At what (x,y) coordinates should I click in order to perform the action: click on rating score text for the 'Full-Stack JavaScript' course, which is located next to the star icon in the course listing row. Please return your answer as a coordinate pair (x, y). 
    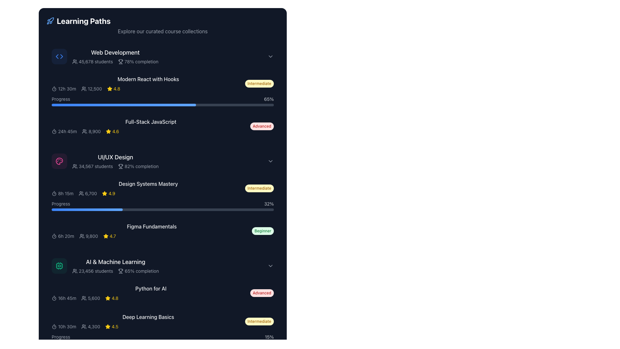
    Looking at the image, I should click on (116, 131).